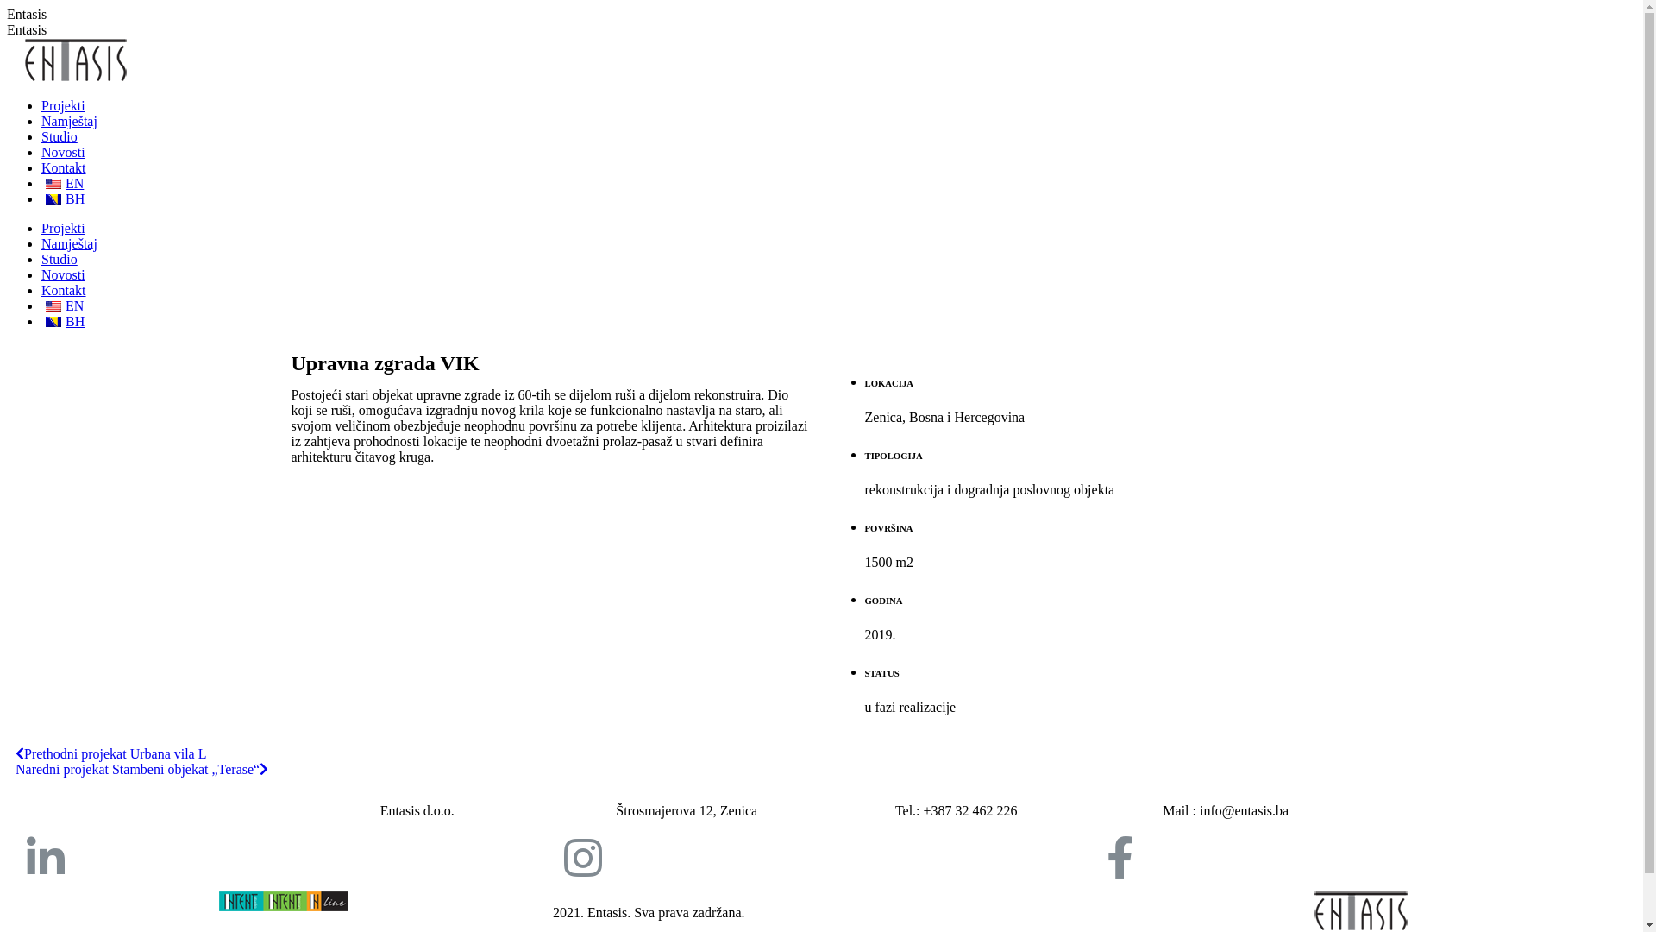 This screenshot has height=932, width=1656. Describe the element at coordinates (63, 167) in the screenshot. I see `'Kontakt'` at that location.